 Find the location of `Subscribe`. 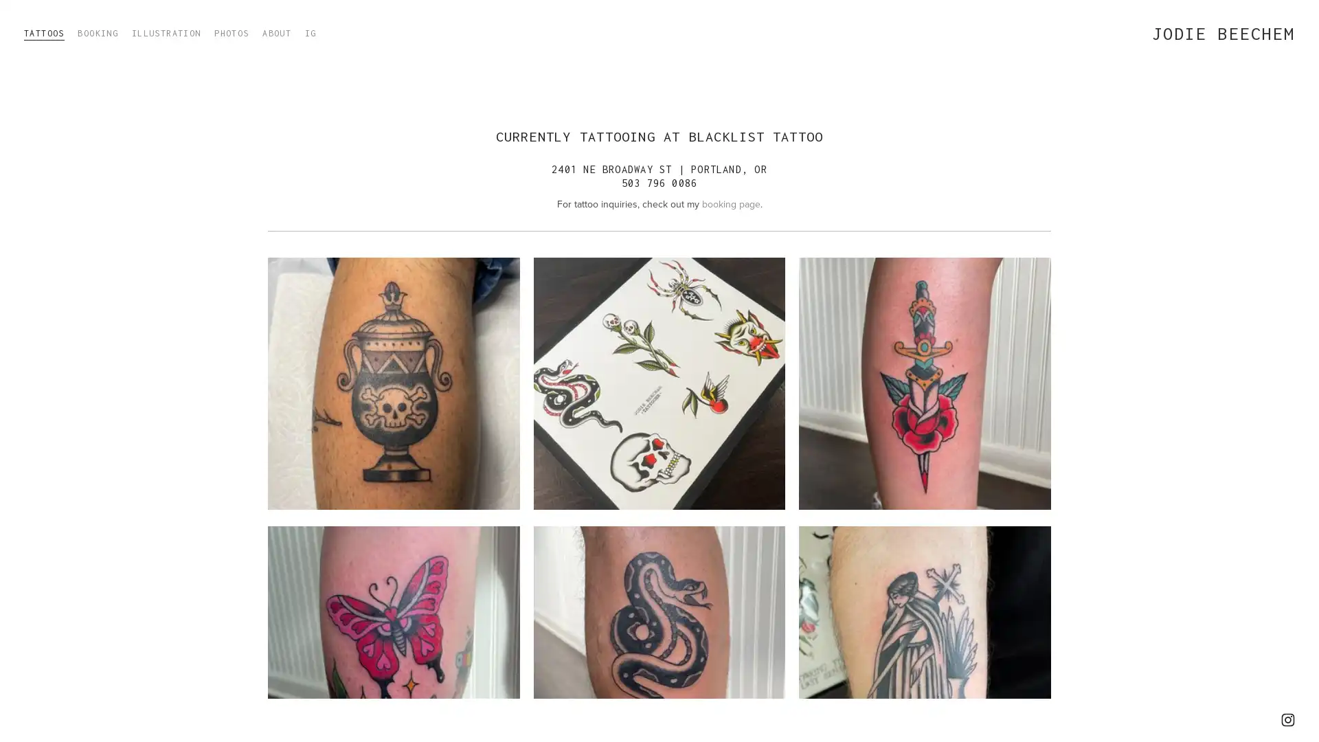

Subscribe is located at coordinates (778, 394).